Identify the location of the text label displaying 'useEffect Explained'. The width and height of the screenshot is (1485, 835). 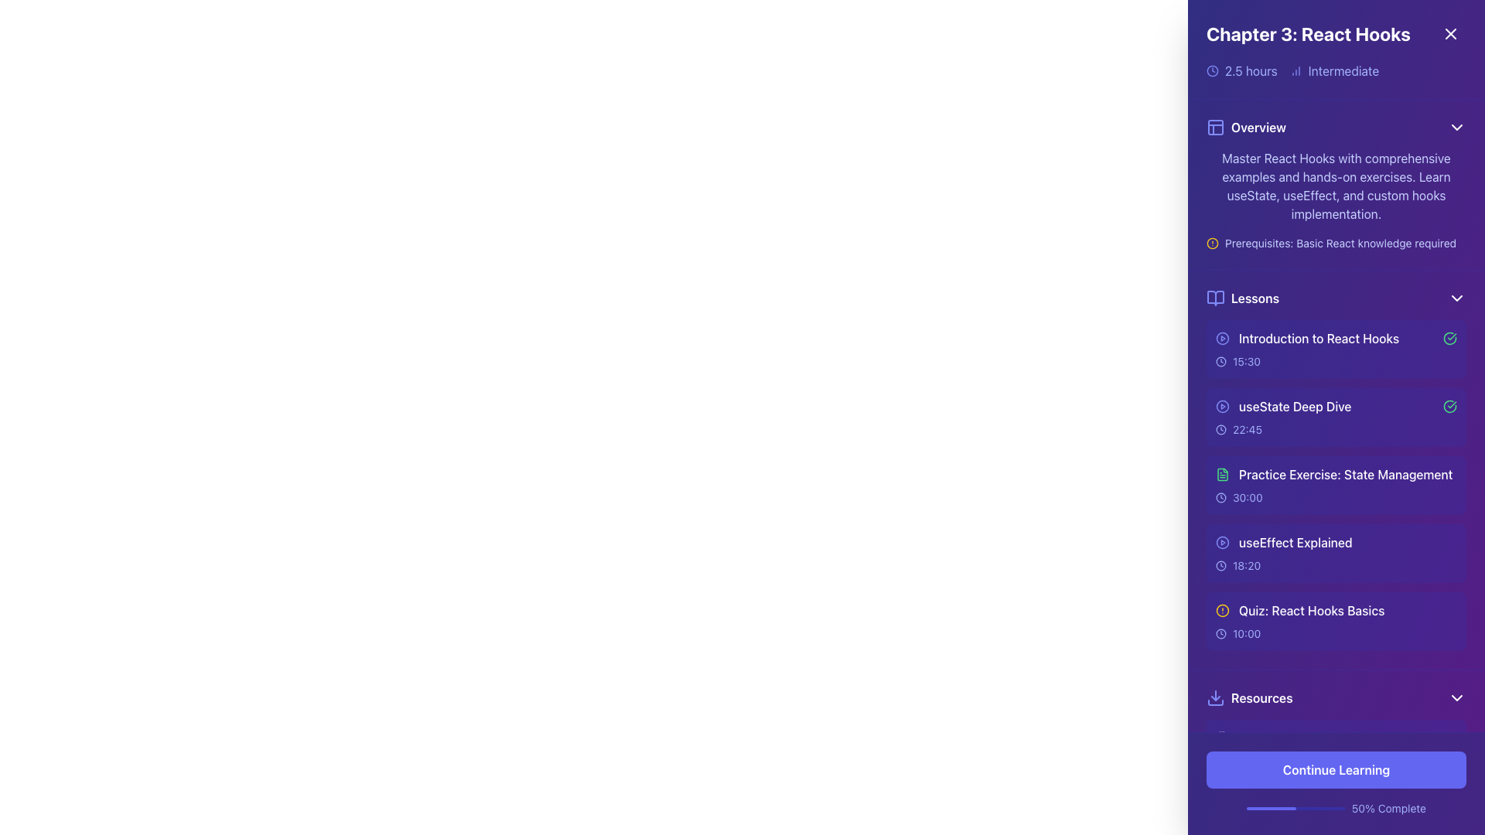
(1296, 542).